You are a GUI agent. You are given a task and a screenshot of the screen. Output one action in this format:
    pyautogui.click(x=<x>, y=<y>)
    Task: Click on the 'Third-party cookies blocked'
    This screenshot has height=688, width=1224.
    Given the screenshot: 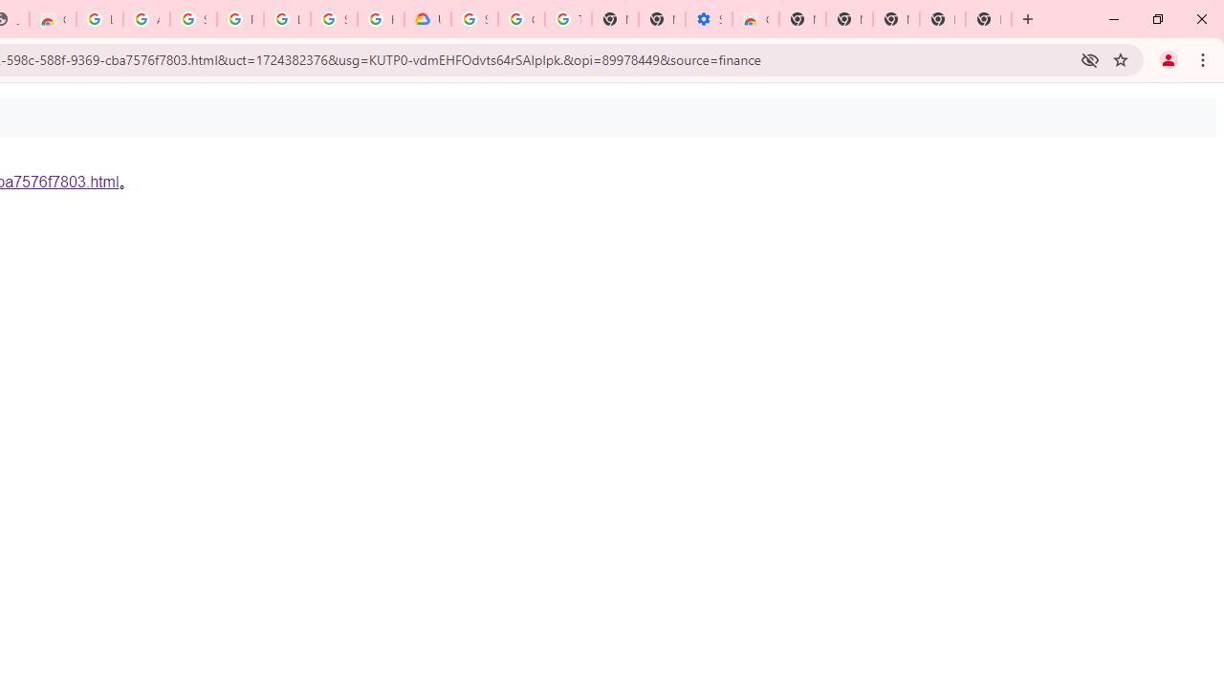 What is the action you would take?
    pyautogui.click(x=1089, y=58)
    